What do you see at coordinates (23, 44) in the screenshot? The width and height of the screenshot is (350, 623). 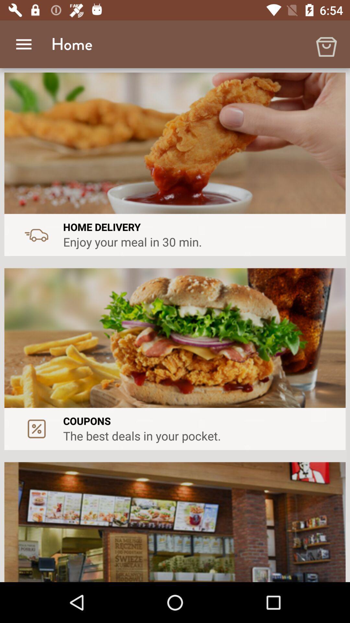 I see `the item to the left of the home` at bounding box center [23, 44].